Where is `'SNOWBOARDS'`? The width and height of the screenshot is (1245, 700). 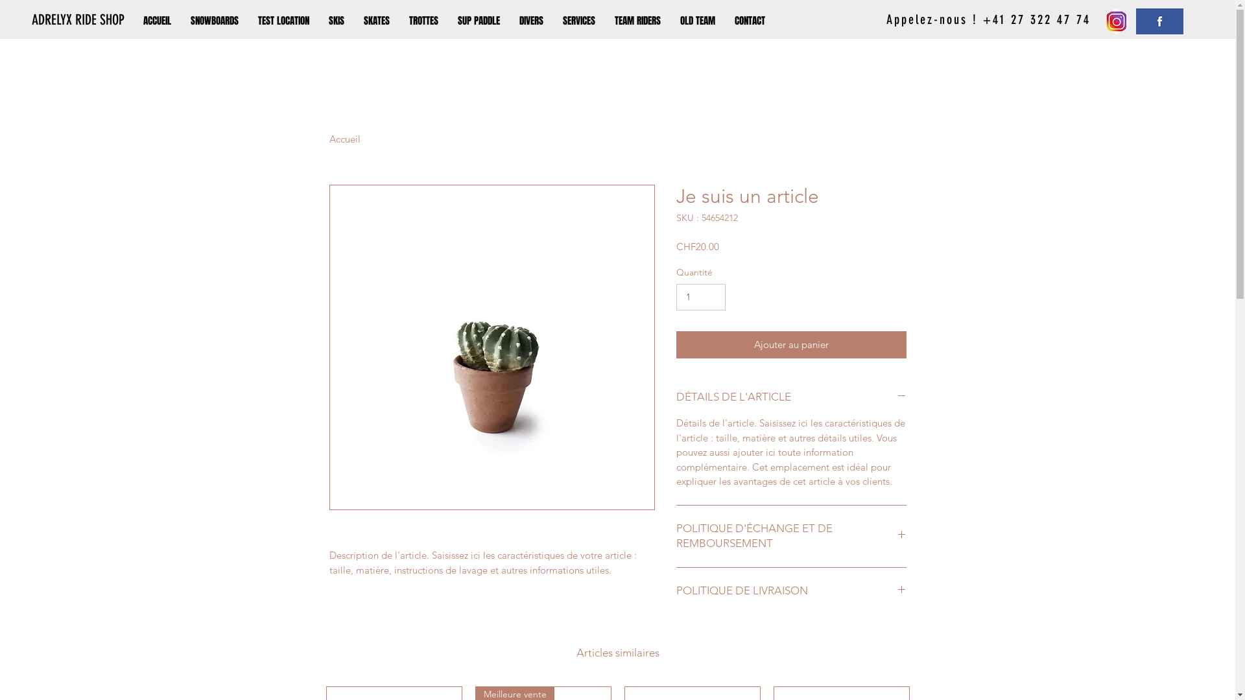 'SNOWBOARDS' is located at coordinates (215, 20).